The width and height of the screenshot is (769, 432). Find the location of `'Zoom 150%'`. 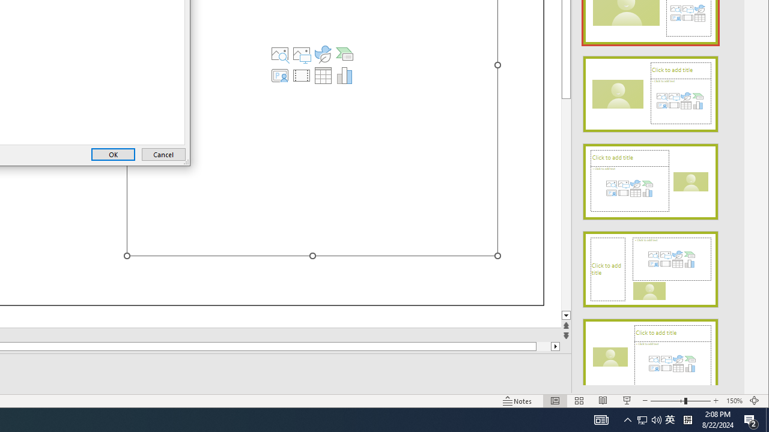

'Zoom 150%' is located at coordinates (734, 401).